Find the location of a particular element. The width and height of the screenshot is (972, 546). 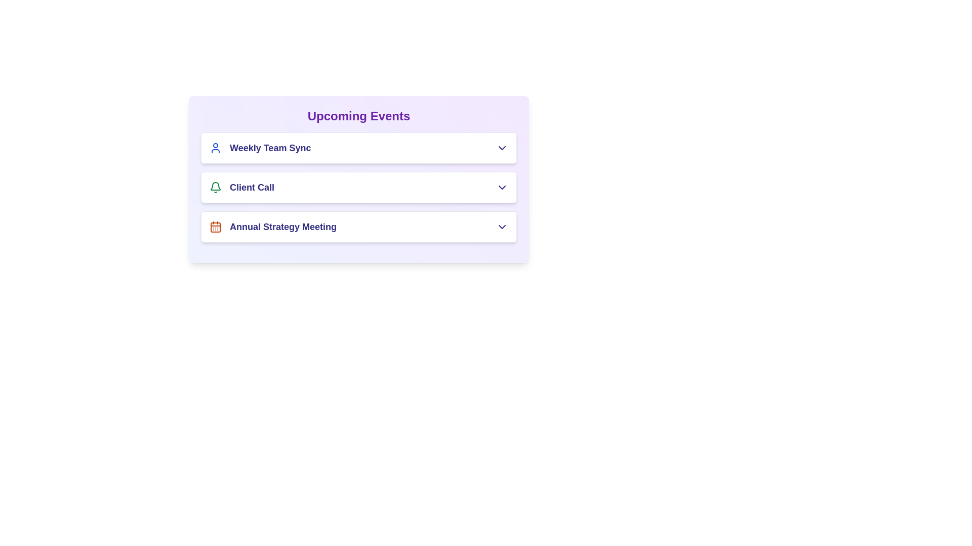

the user icon representing the owner or leader of the event labeled 'Weekly Team Sync', which is the leftmost element in the horizontal group containing the text label is located at coordinates (215, 148).